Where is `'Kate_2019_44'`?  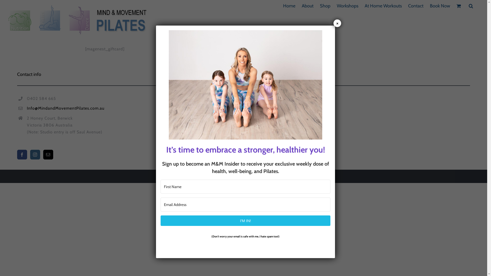
'Kate_2019_44' is located at coordinates (245, 84).